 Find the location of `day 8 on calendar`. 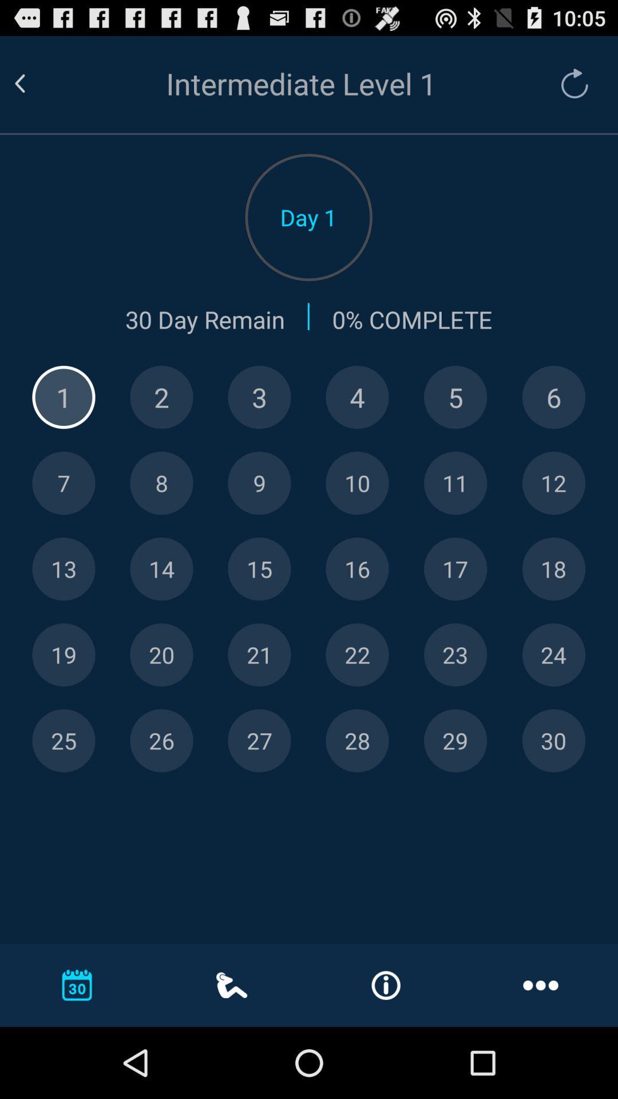

day 8 on calendar is located at coordinates (161, 483).